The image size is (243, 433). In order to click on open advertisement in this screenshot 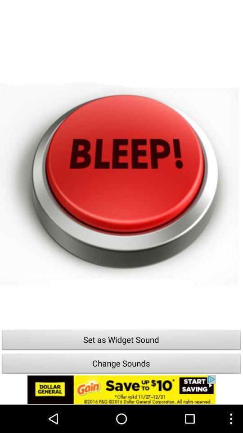, I will do `click(121, 389)`.